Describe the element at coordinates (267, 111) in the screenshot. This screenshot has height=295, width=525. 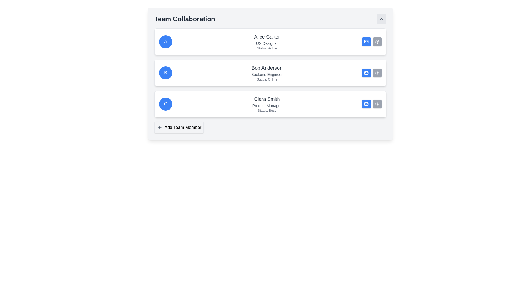
I see `status text label displaying Clara Smith's availability, which is the third text element below the 'Product Manager' label` at that location.